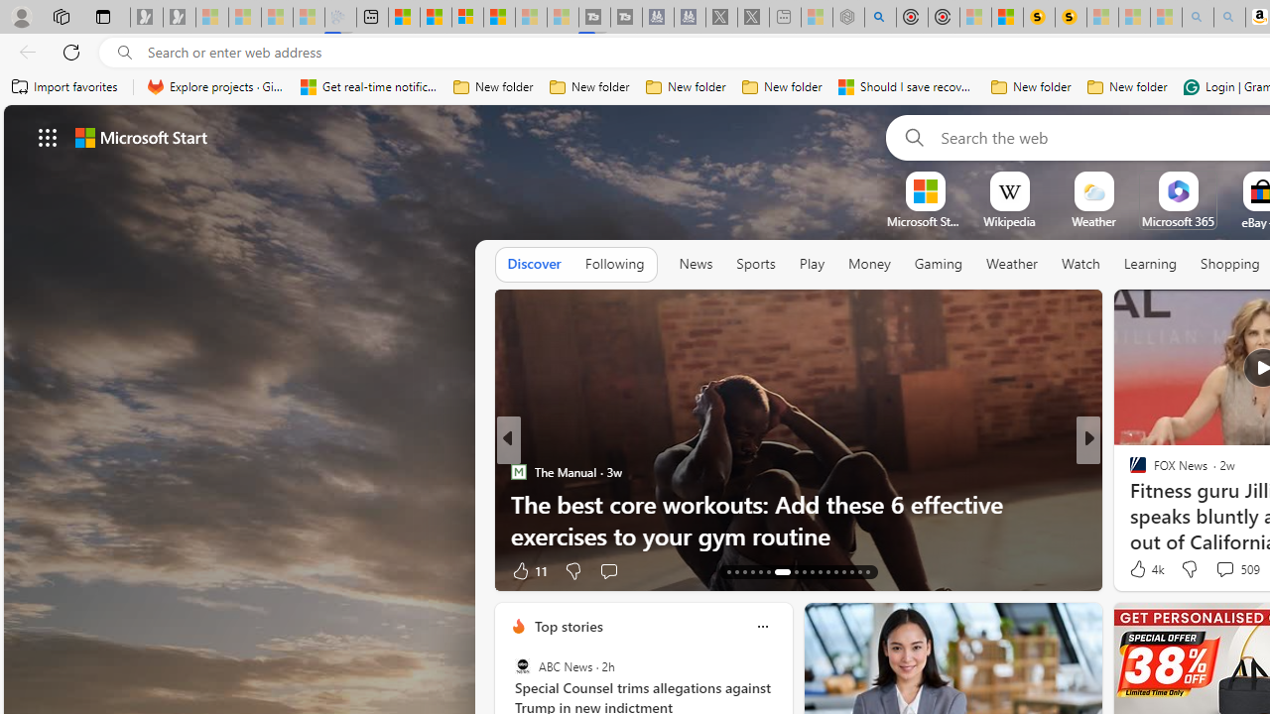  I want to click on 'Watch', so click(1079, 263).